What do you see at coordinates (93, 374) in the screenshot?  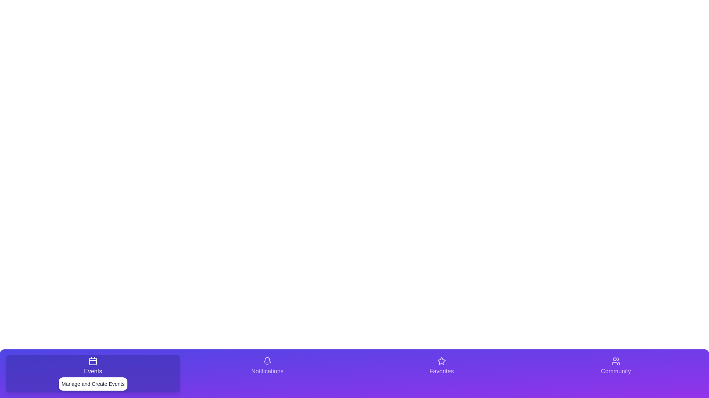 I see `the tab corresponding to Events` at bounding box center [93, 374].